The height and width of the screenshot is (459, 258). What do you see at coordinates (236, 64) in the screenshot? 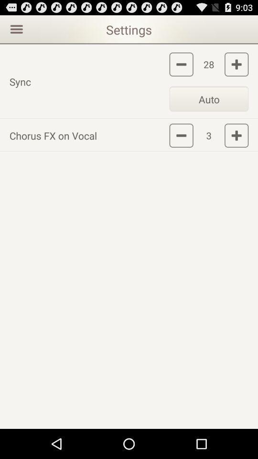
I see `value` at bounding box center [236, 64].